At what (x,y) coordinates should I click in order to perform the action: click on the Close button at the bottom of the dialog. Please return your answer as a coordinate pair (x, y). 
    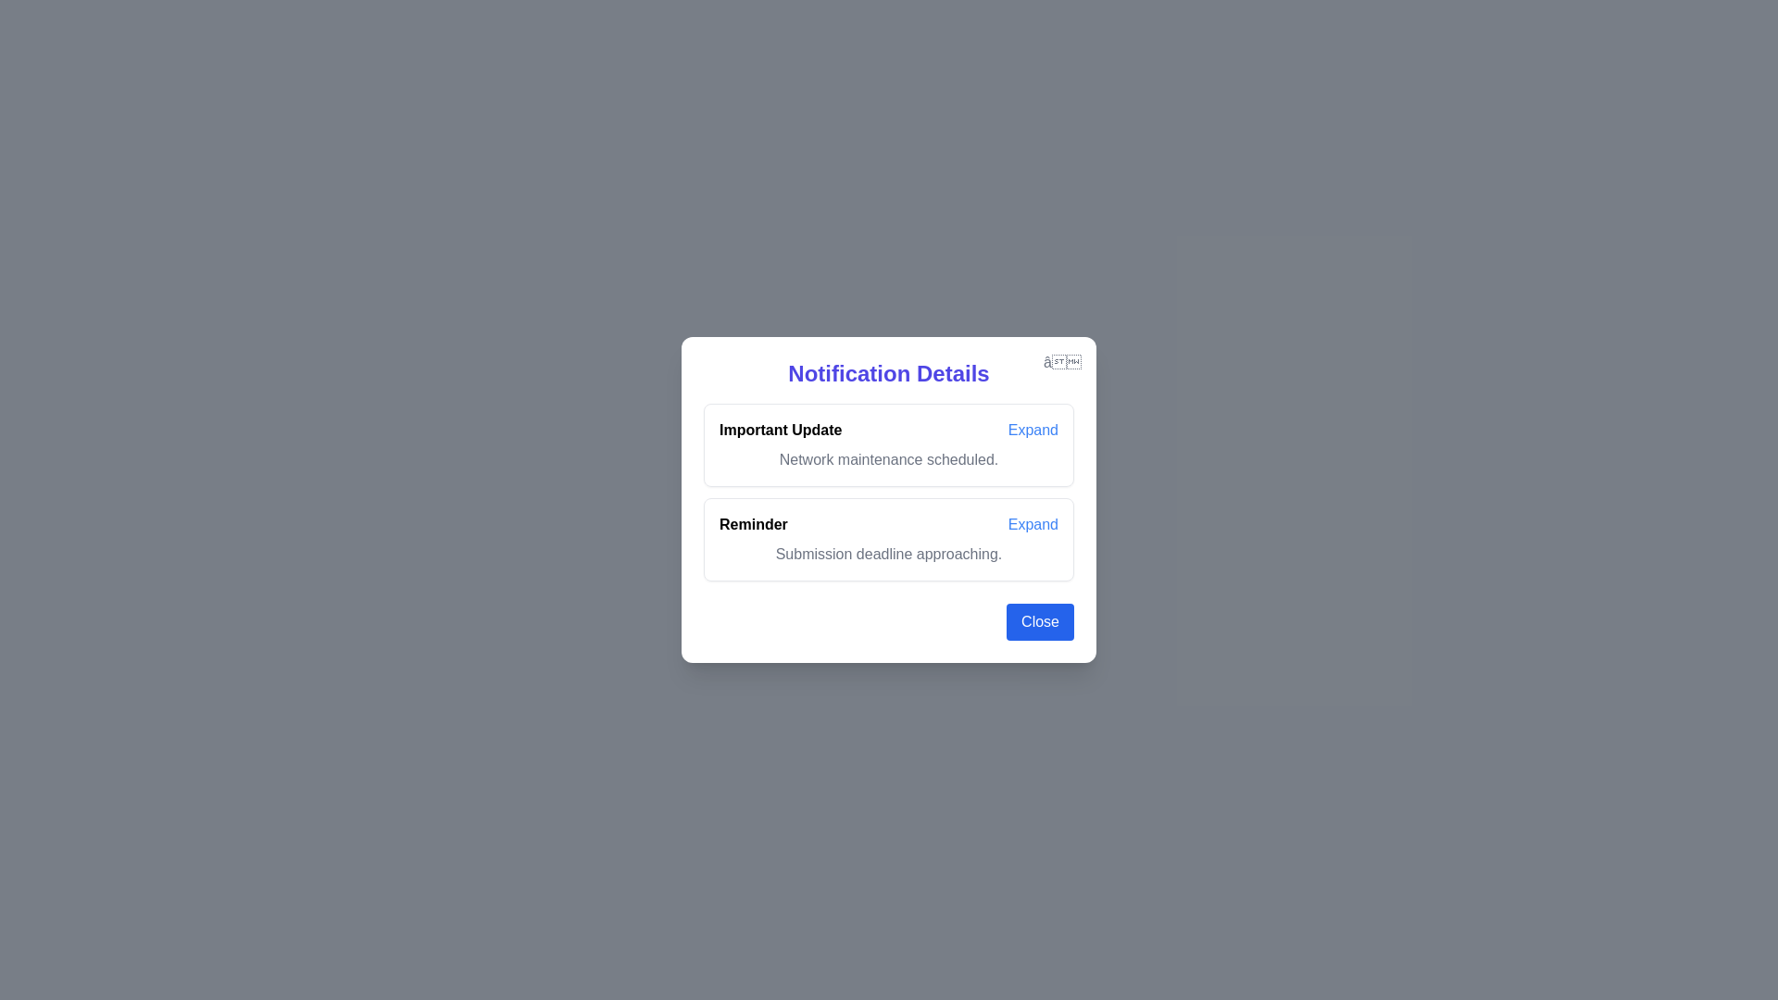
    Looking at the image, I should click on (1040, 621).